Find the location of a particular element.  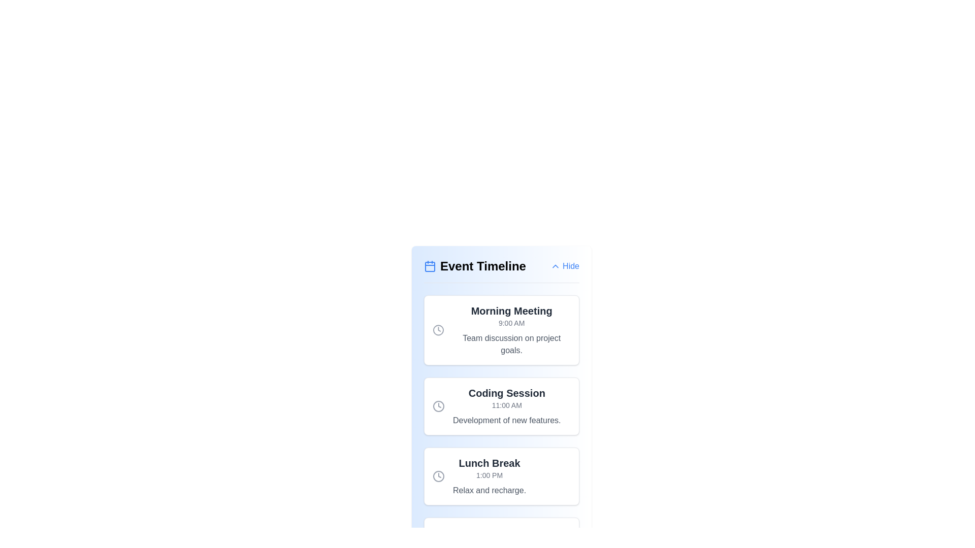

text label titled 'Coding Session' located at the top of the second card in the 'Event Timeline' section is located at coordinates (507, 393).